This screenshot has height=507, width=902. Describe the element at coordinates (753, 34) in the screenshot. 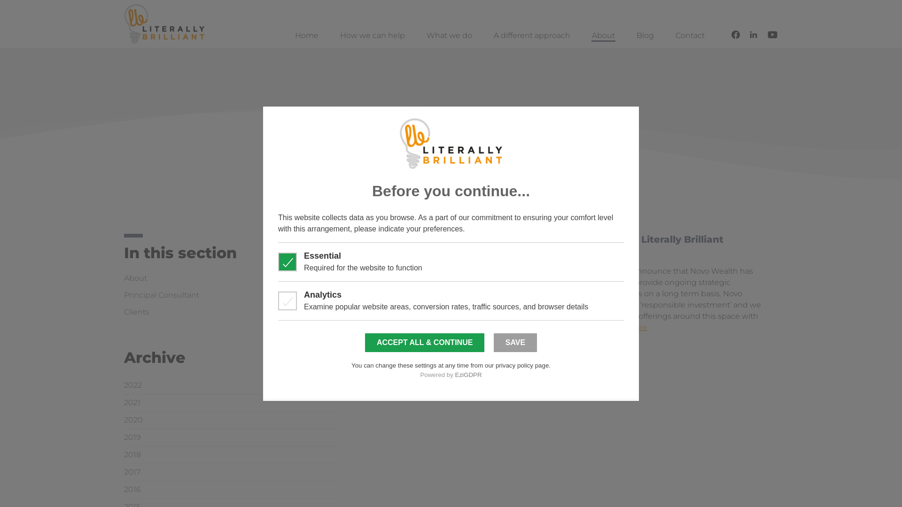

I see `'Connect with us on LinkedIn'` at that location.